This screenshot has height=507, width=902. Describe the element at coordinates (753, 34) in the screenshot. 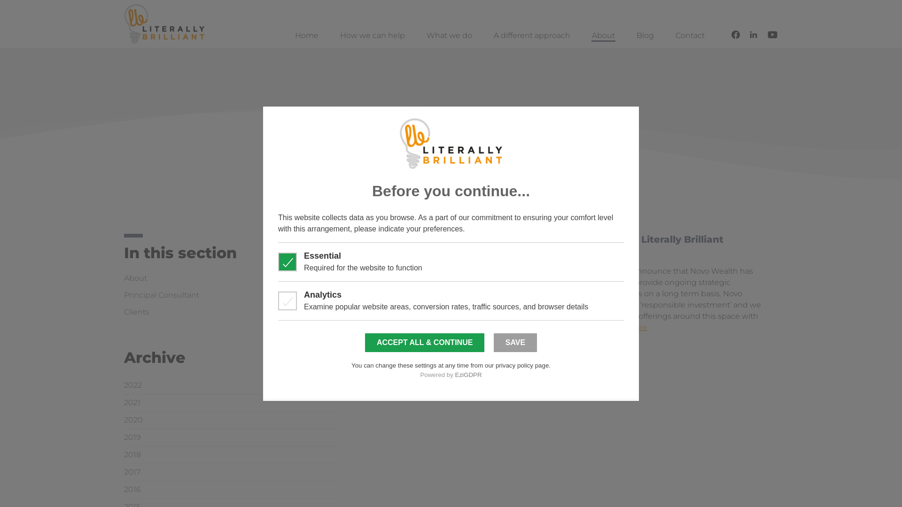

I see `'Connect with us on LinkedIn'` at that location.